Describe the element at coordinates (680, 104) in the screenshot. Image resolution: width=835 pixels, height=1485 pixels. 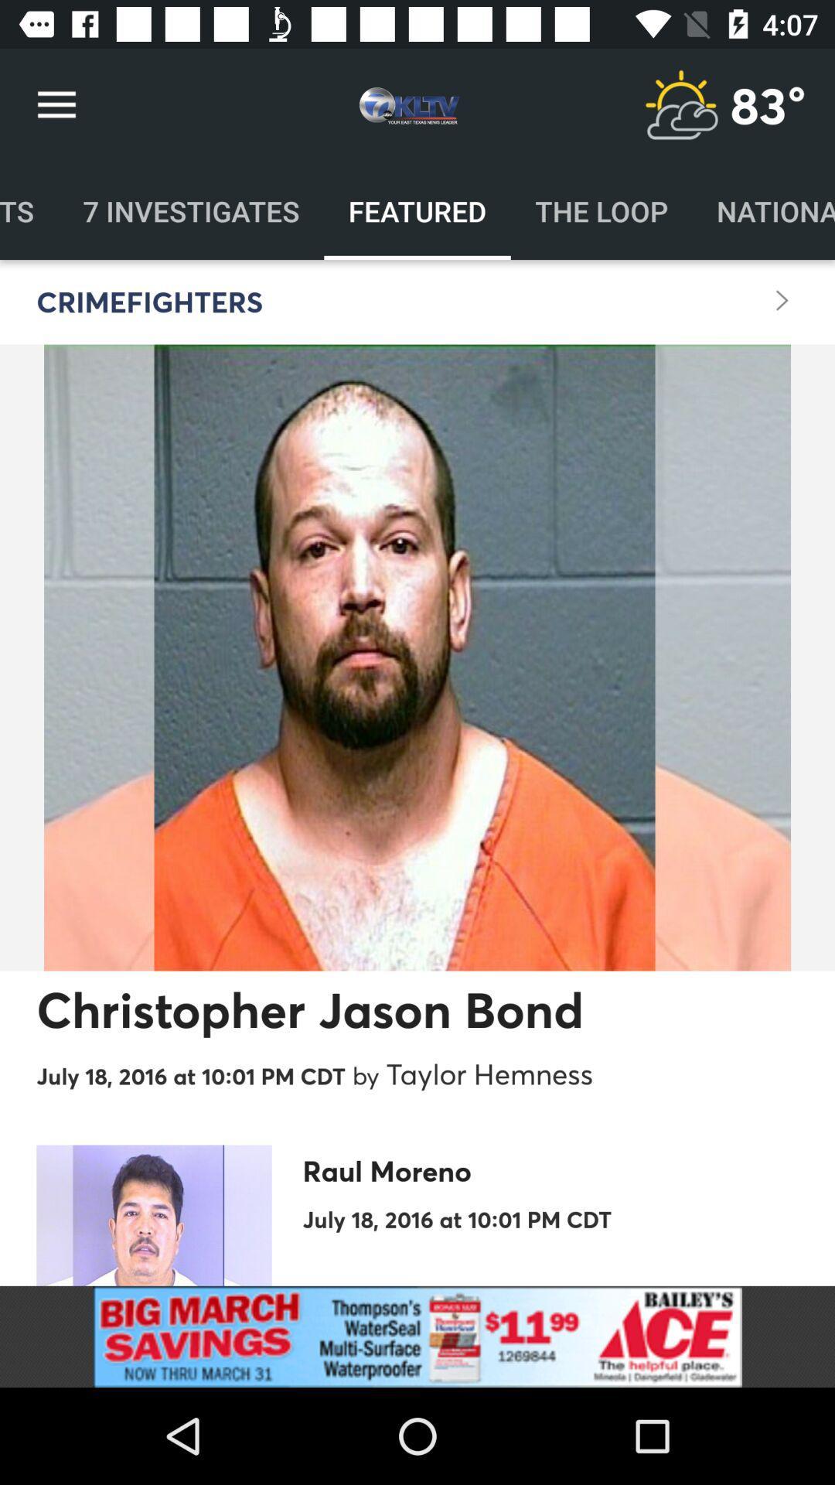
I see `the climate symbol which is at the right corner of the screen` at that location.